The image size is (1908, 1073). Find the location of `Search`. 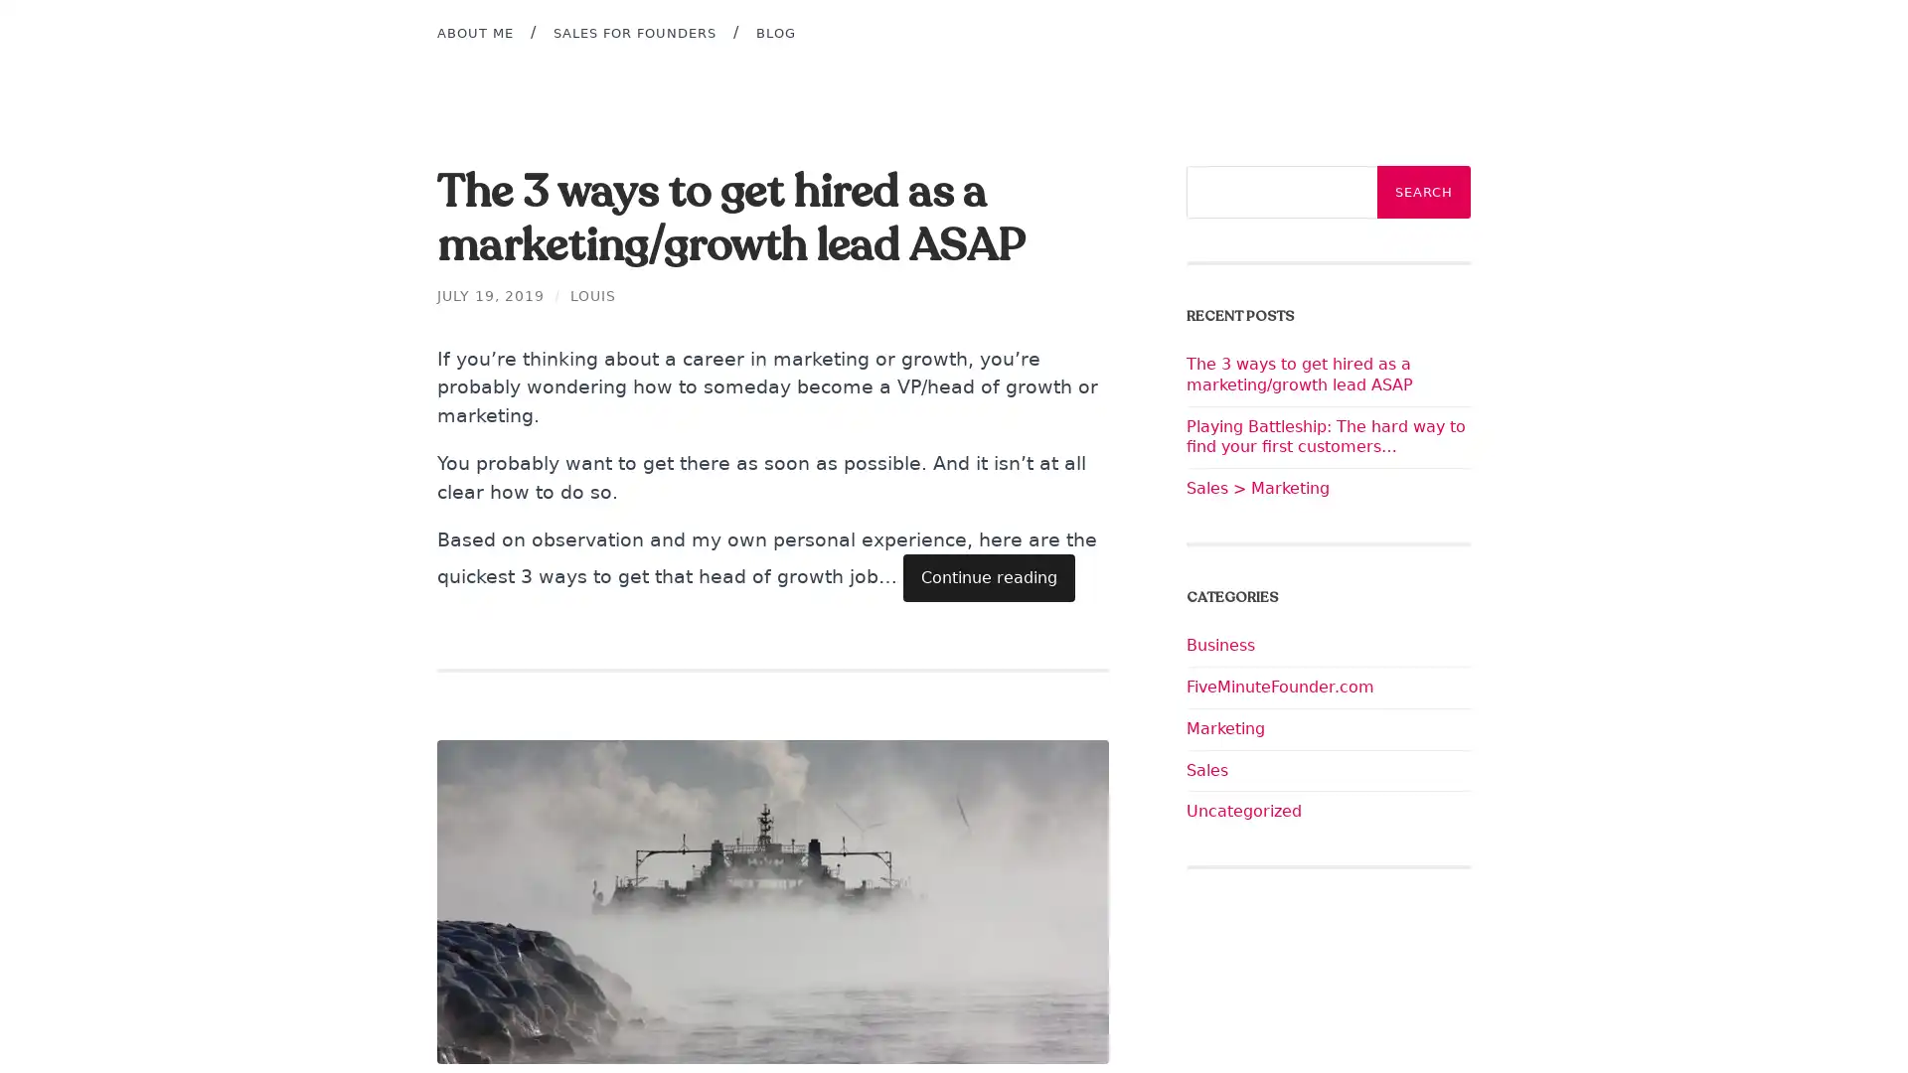

Search is located at coordinates (1423, 192).